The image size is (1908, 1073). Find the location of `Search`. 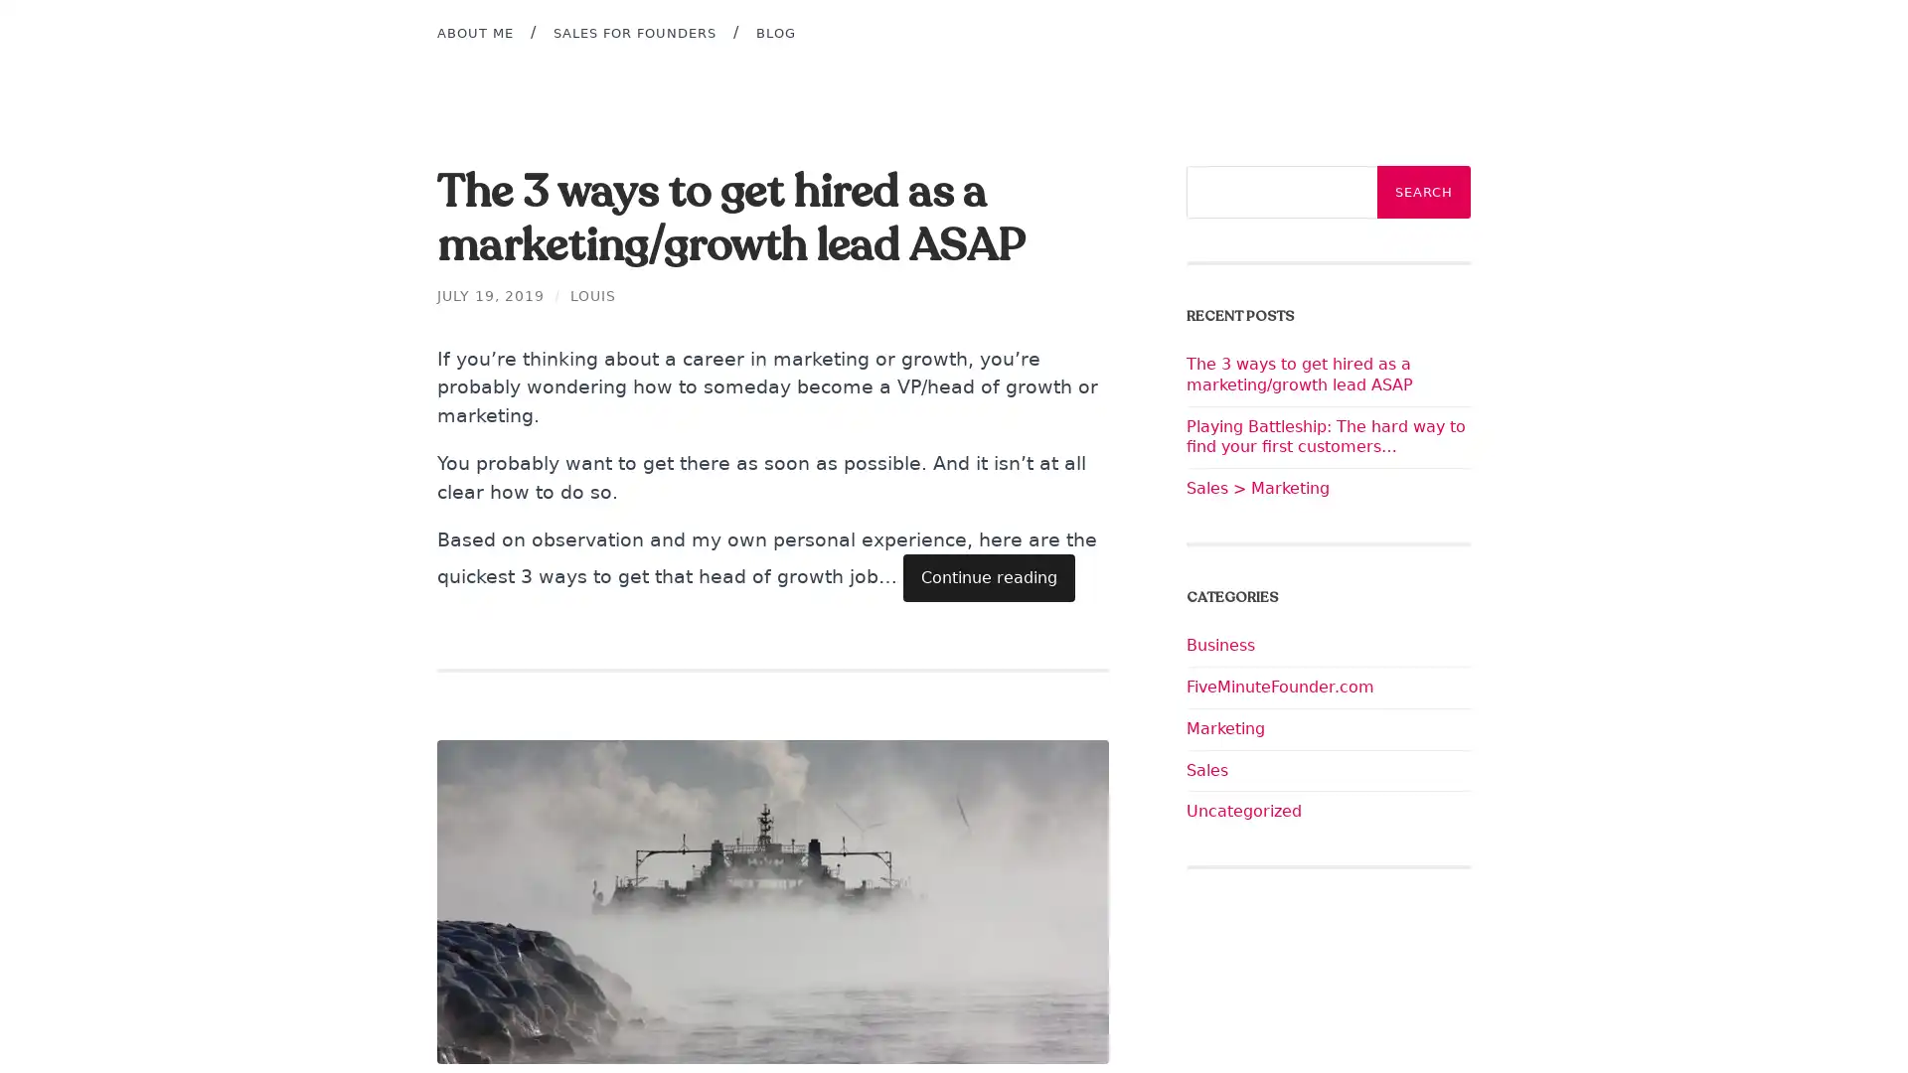

Search is located at coordinates (1423, 192).